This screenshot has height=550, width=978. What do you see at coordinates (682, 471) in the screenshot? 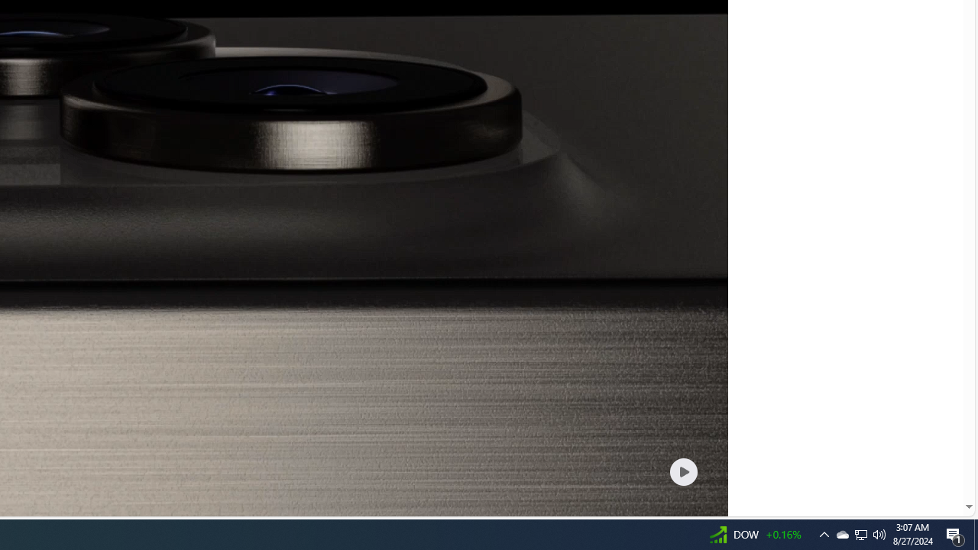
I see `'Play welcome animation video'` at bounding box center [682, 471].